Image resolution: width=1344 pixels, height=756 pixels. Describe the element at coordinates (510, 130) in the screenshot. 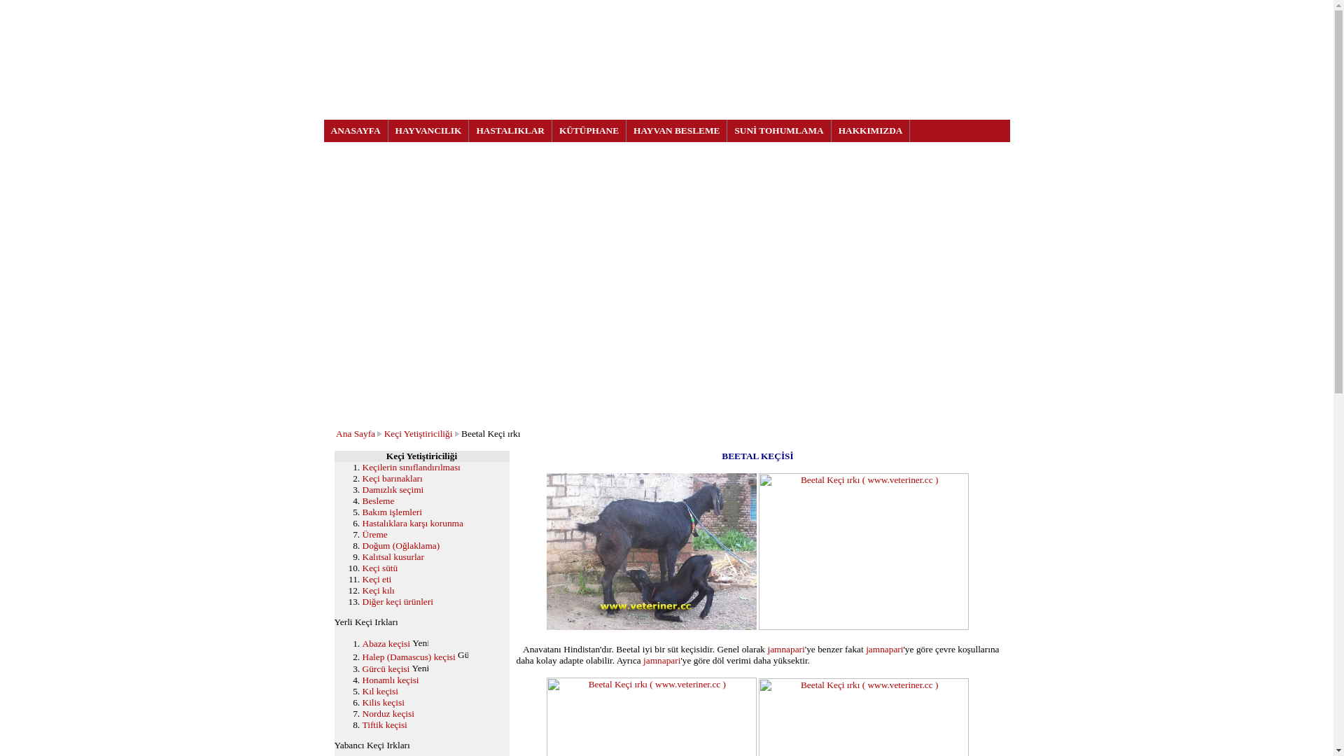

I see `'HASTALIKLAR'` at that location.